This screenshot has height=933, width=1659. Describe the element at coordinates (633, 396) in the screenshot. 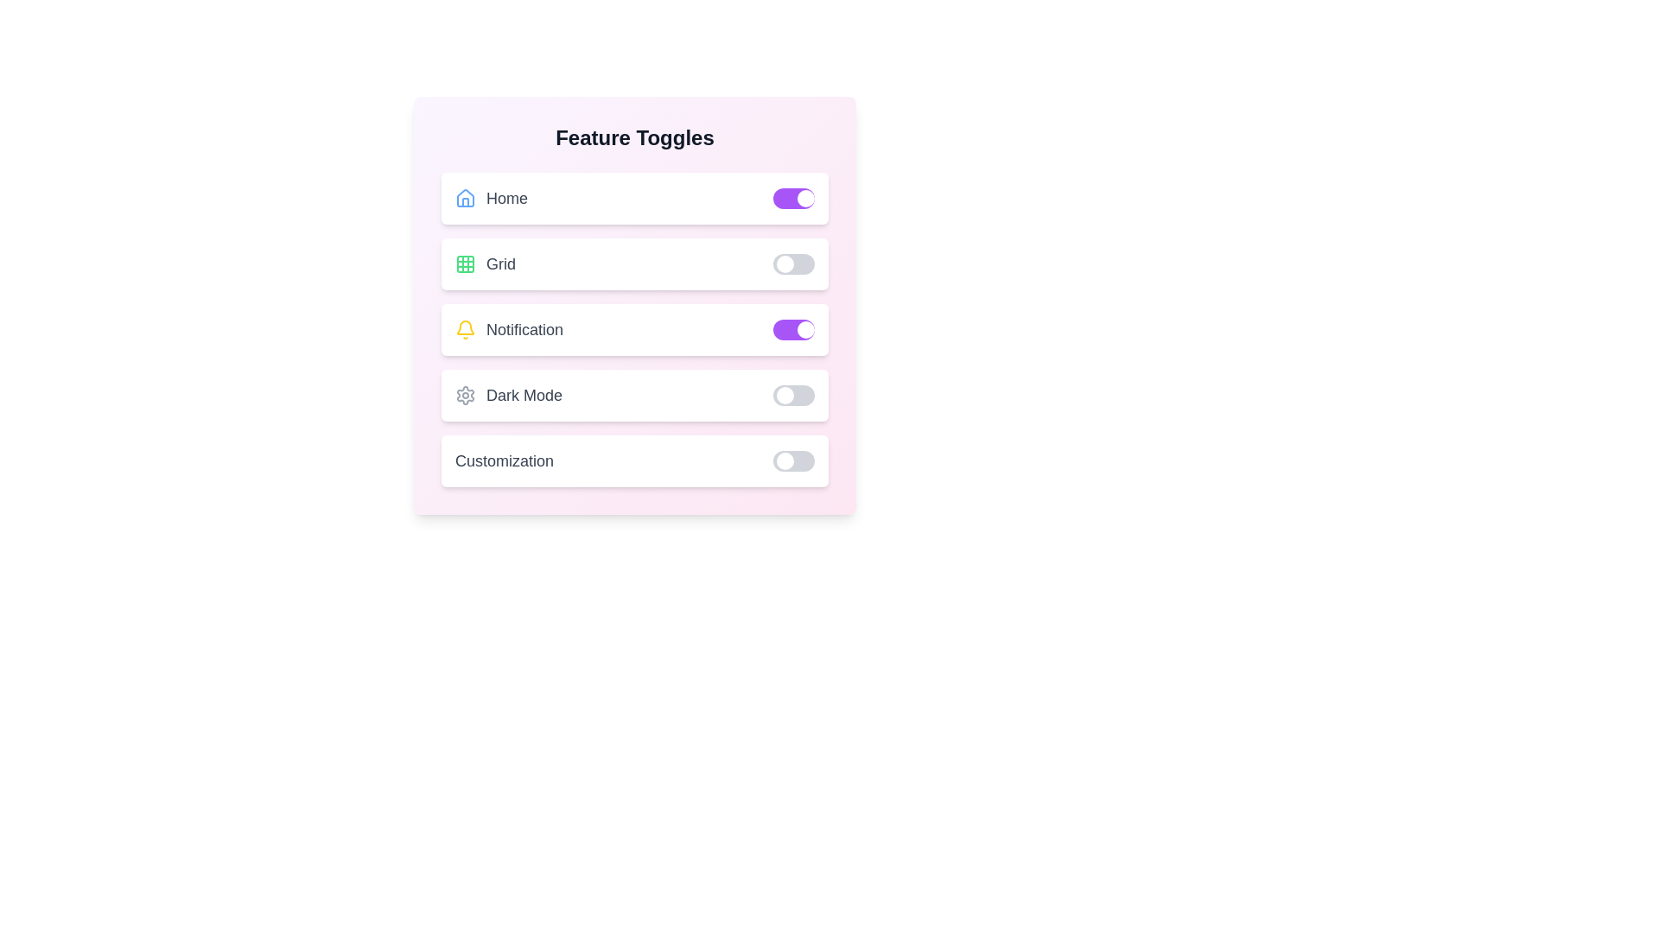

I see `the 'Dark Mode' setting option with toggle, which is the fourth item in the 'Feature Toggles' list` at that location.